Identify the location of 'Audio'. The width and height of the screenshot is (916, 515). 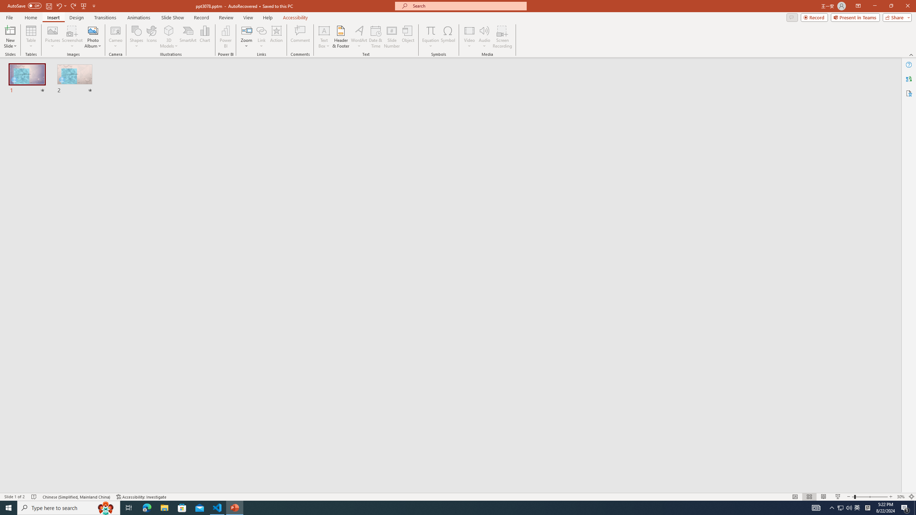
(484, 37).